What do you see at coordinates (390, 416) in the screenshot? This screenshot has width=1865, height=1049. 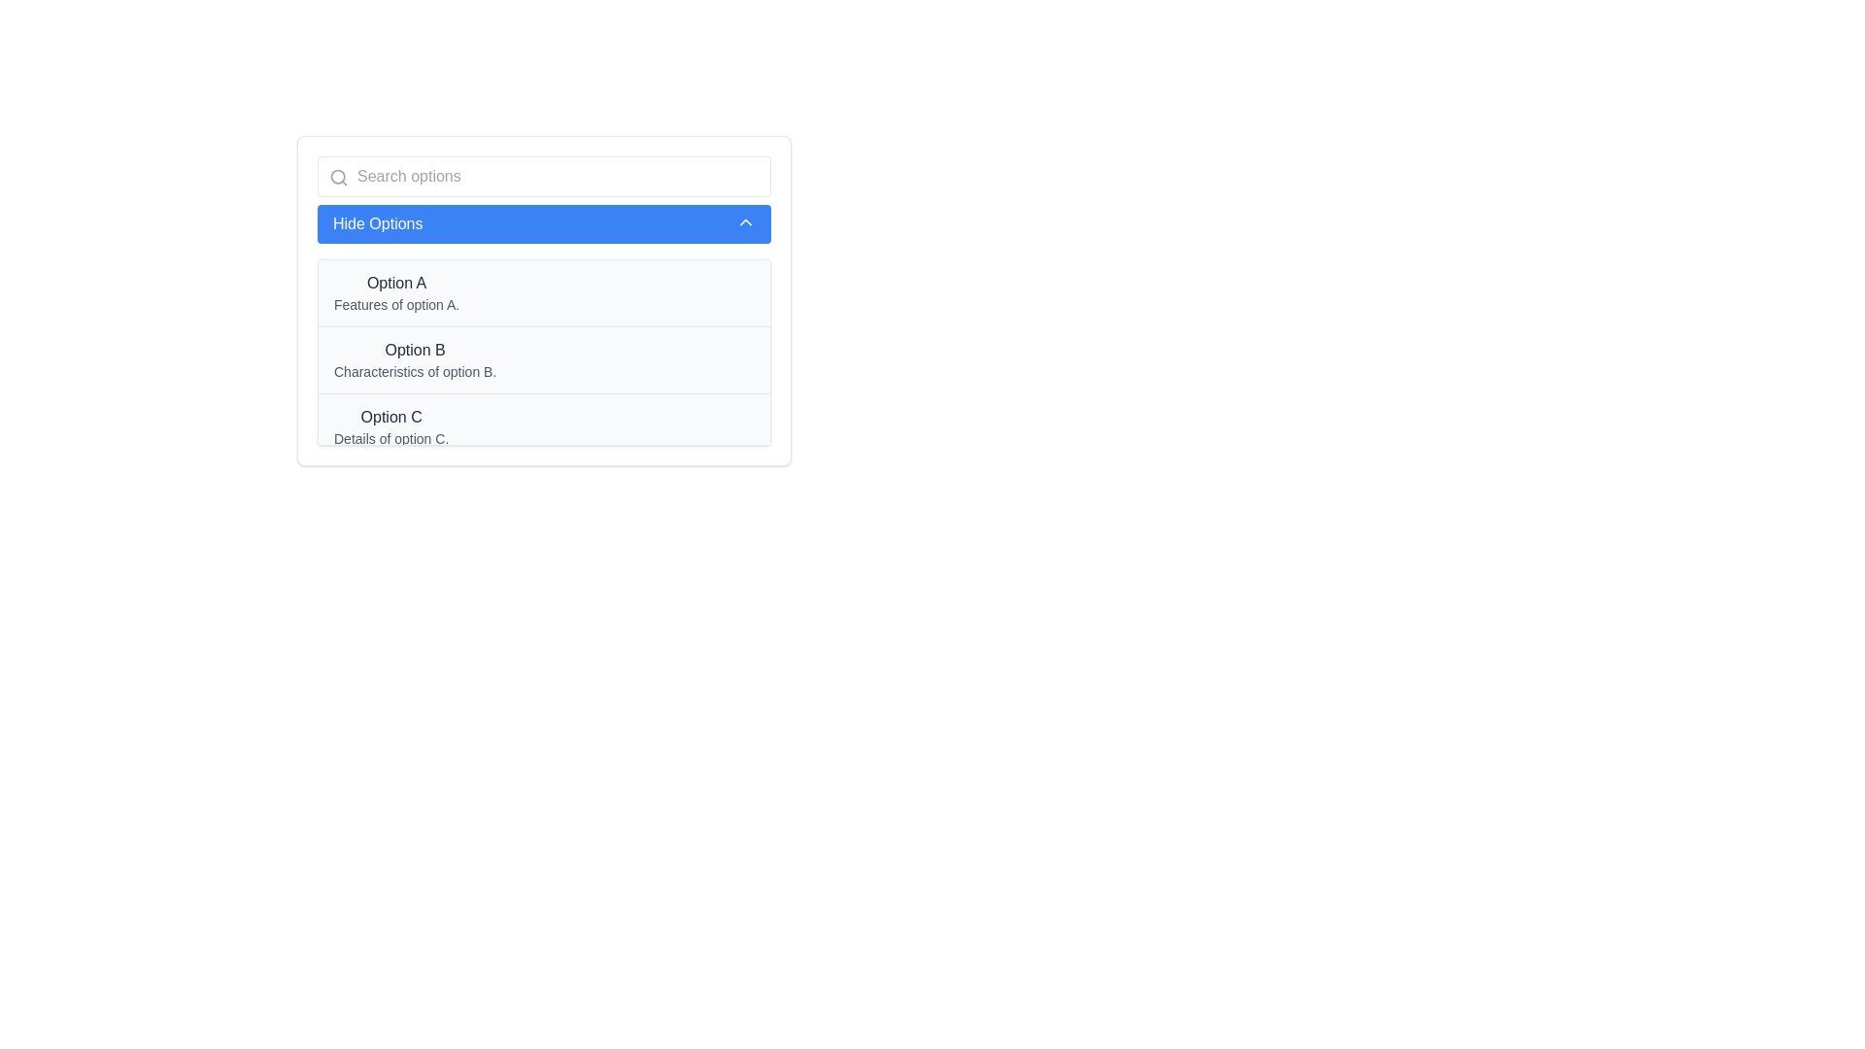 I see `the text label 'Option C' in the dropdown menu` at bounding box center [390, 416].